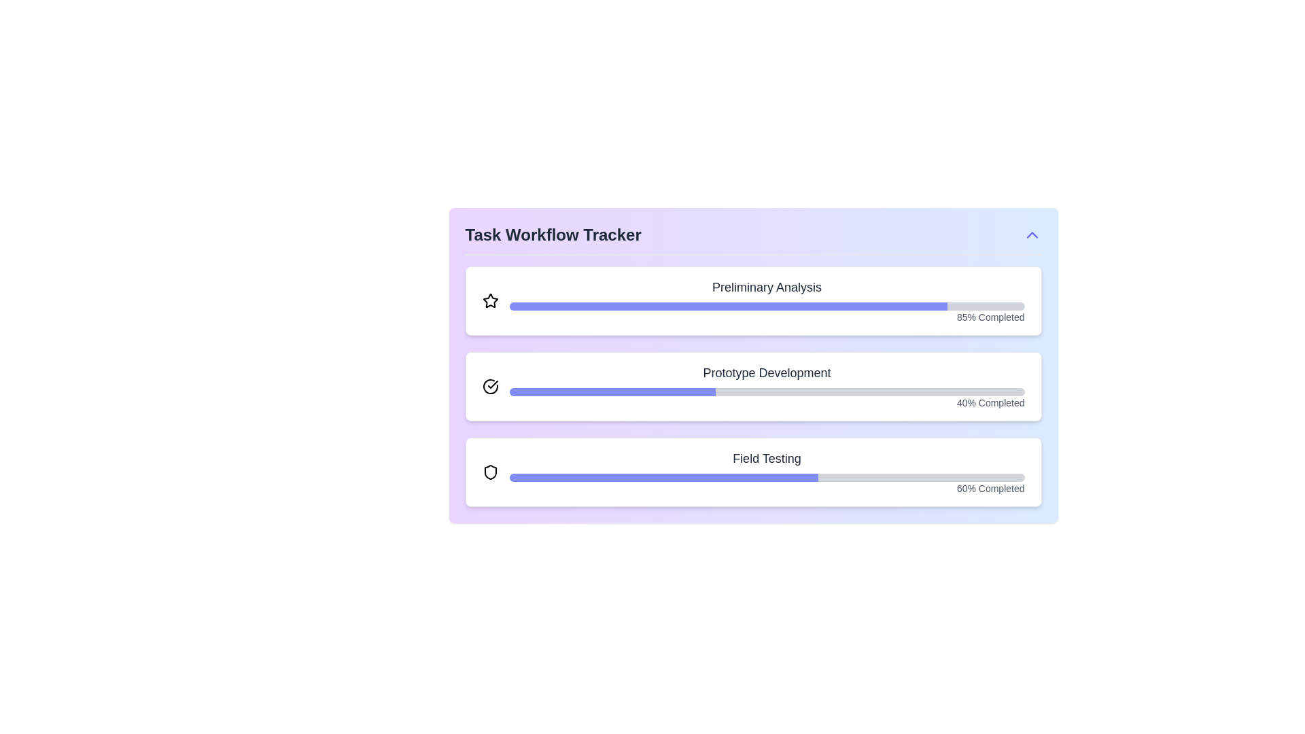  What do you see at coordinates (767, 300) in the screenshot?
I see `the 'Preliminary Analysis' progress tracker component, which is the topmost entry` at bounding box center [767, 300].